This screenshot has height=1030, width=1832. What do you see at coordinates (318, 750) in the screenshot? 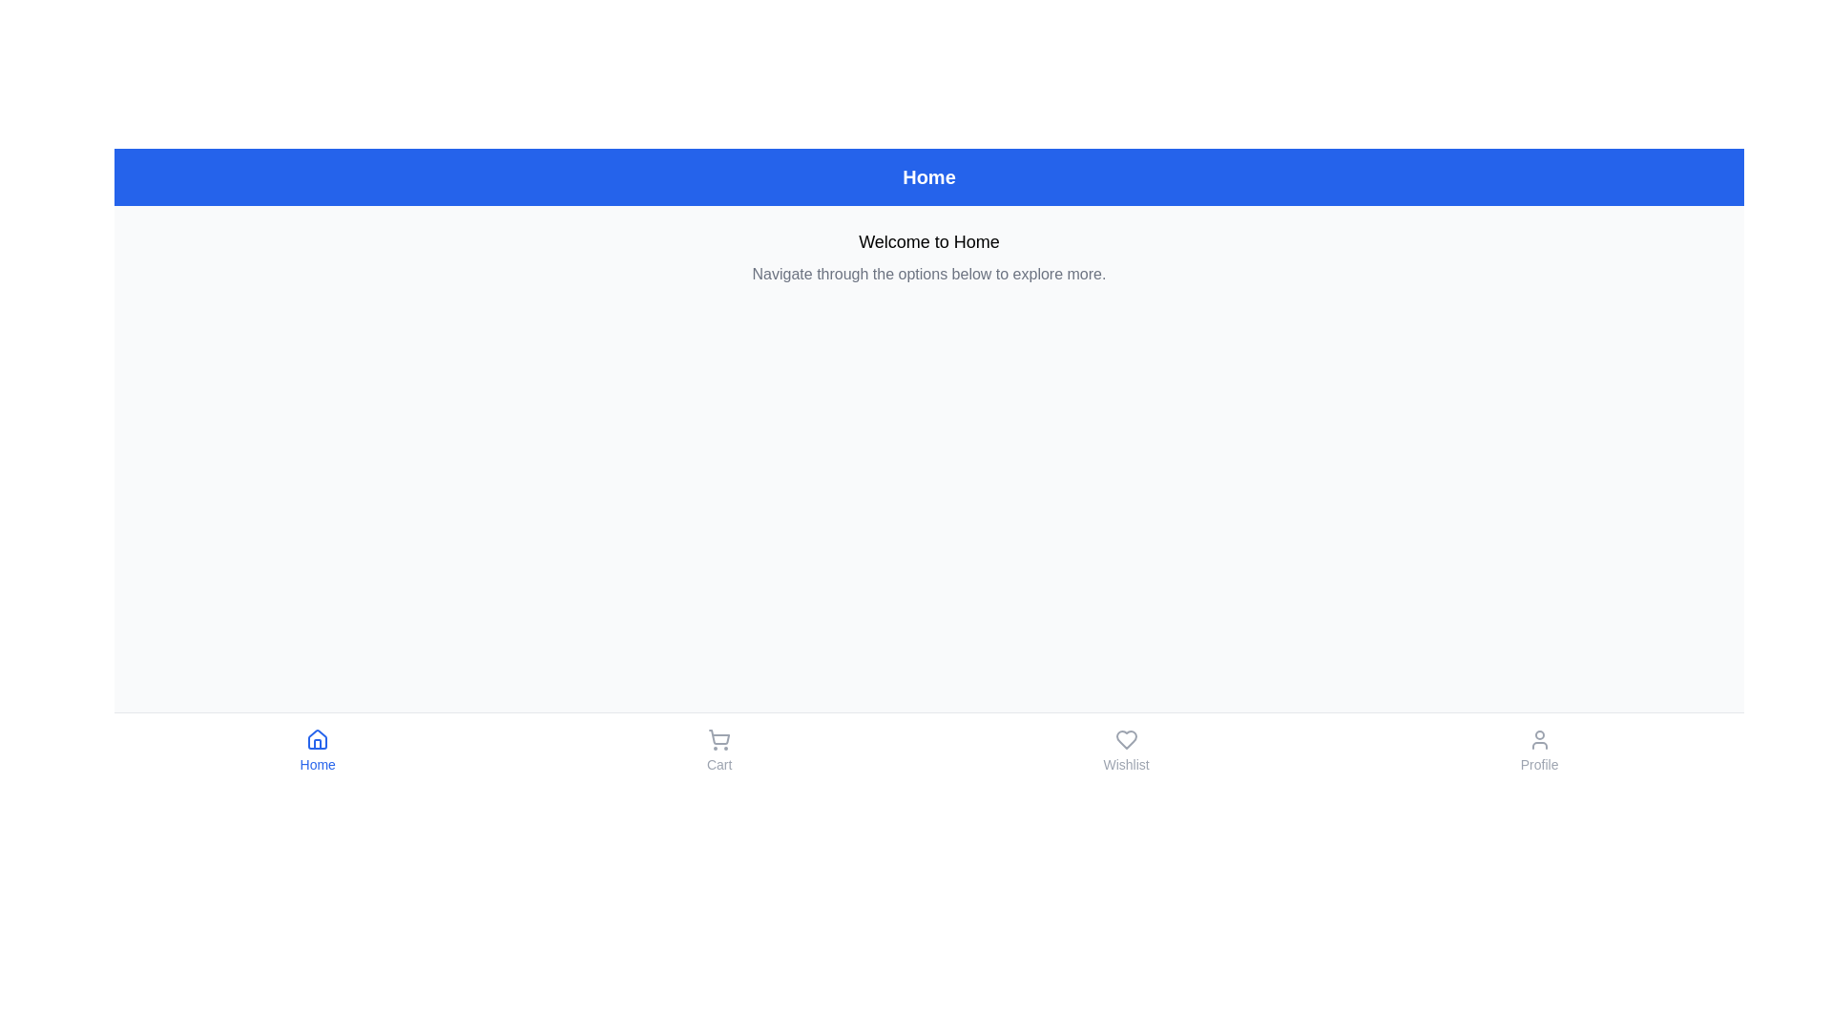
I see `the 'Home' button located at the leftmost side of the bottom navigation bar` at bounding box center [318, 750].